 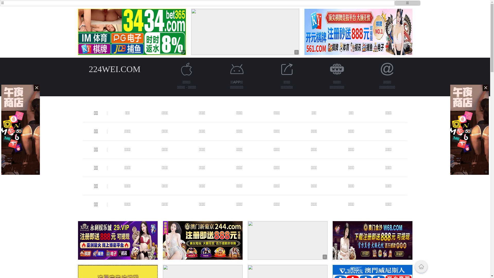 I want to click on '224WEI.COM', so click(x=114, y=69).